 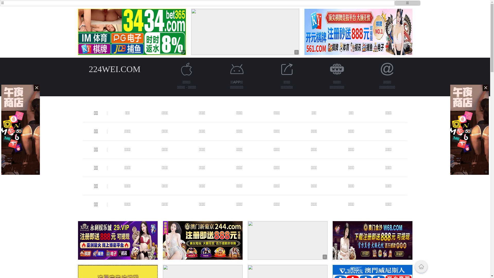 I want to click on '224WEI.COM', so click(x=114, y=69).